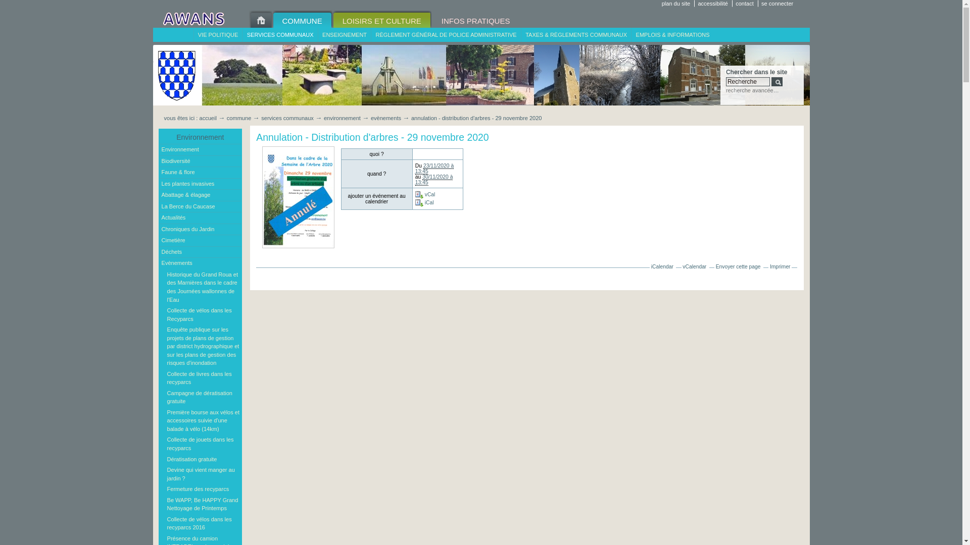 The image size is (970, 545). Describe the element at coordinates (424, 202) in the screenshot. I see `'iCal'` at that location.